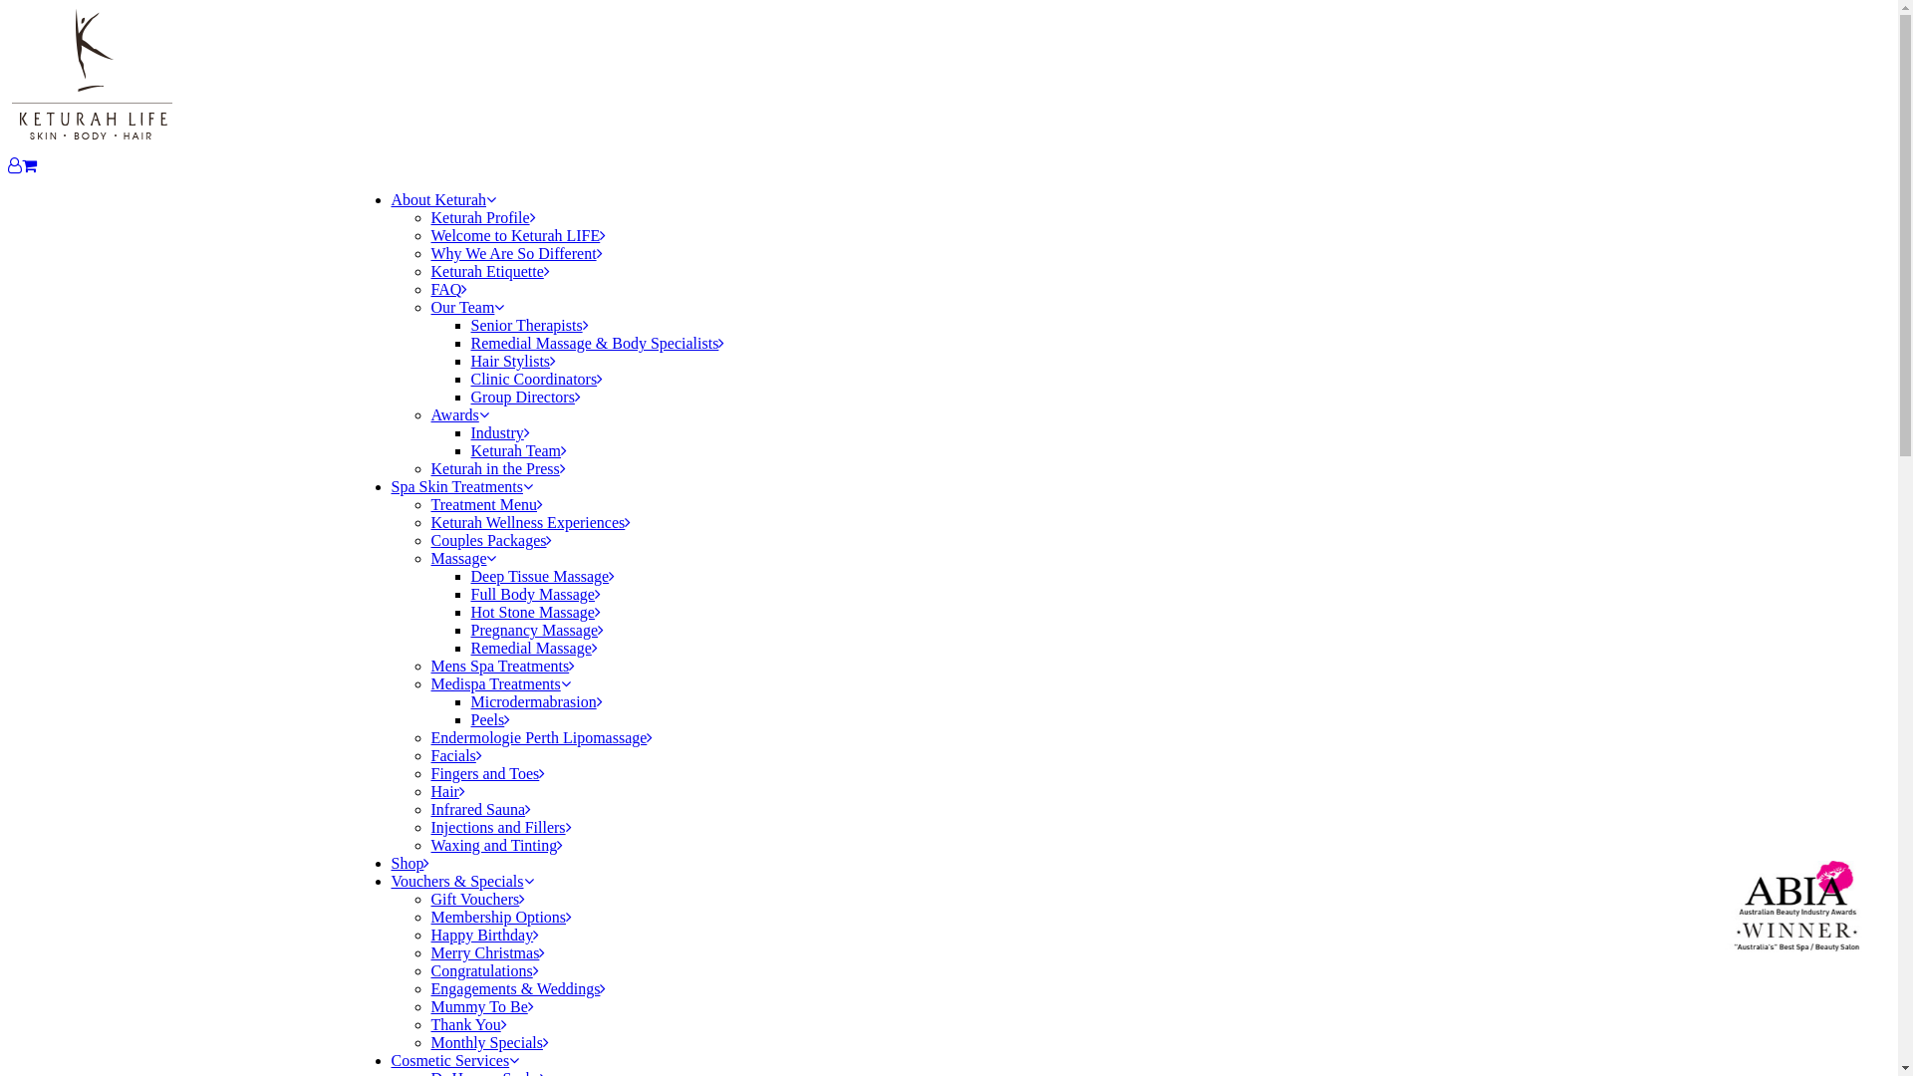  I want to click on 'Keturah Profile', so click(482, 217).